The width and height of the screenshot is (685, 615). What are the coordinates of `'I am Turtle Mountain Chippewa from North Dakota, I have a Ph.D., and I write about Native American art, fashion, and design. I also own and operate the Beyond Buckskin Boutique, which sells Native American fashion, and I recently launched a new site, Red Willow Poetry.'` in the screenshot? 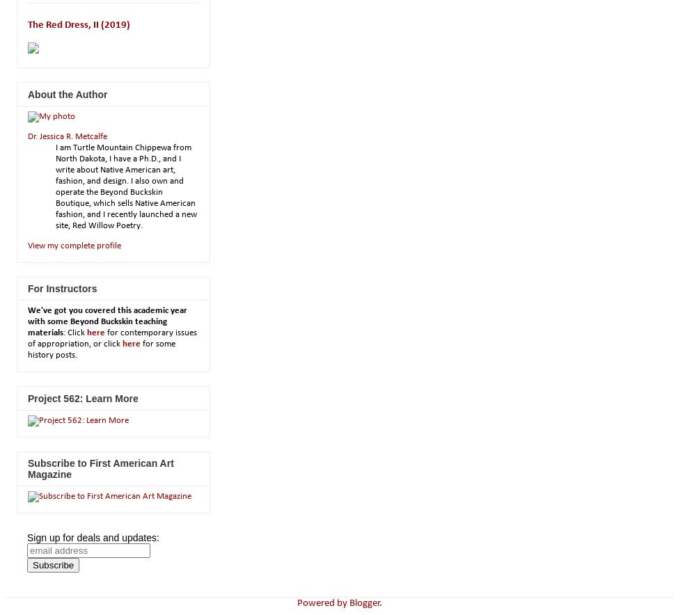 It's located at (54, 185).